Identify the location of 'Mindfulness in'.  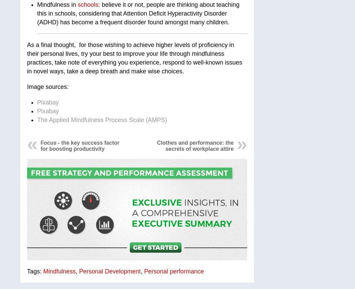
(57, 4).